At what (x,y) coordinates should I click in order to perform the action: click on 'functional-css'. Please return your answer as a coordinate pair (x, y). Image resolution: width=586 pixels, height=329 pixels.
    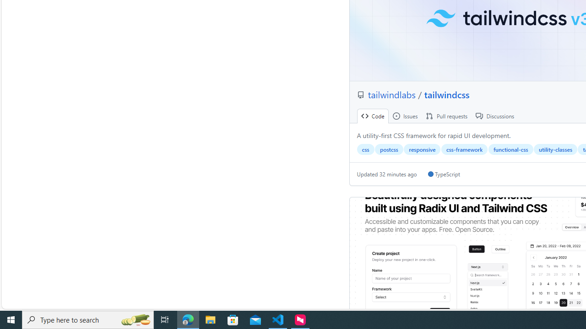
    Looking at the image, I should click on (510, 149).